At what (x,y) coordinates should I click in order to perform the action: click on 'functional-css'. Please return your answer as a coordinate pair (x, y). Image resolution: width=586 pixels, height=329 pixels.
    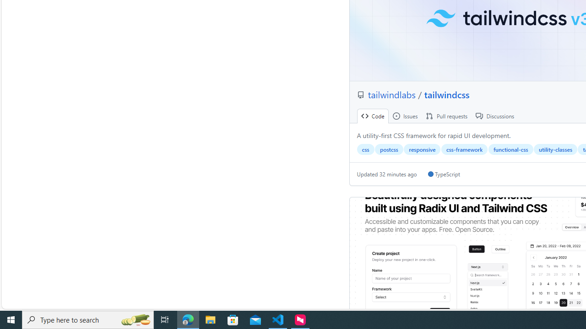
    Looking at the image, I should click on (510, 149).